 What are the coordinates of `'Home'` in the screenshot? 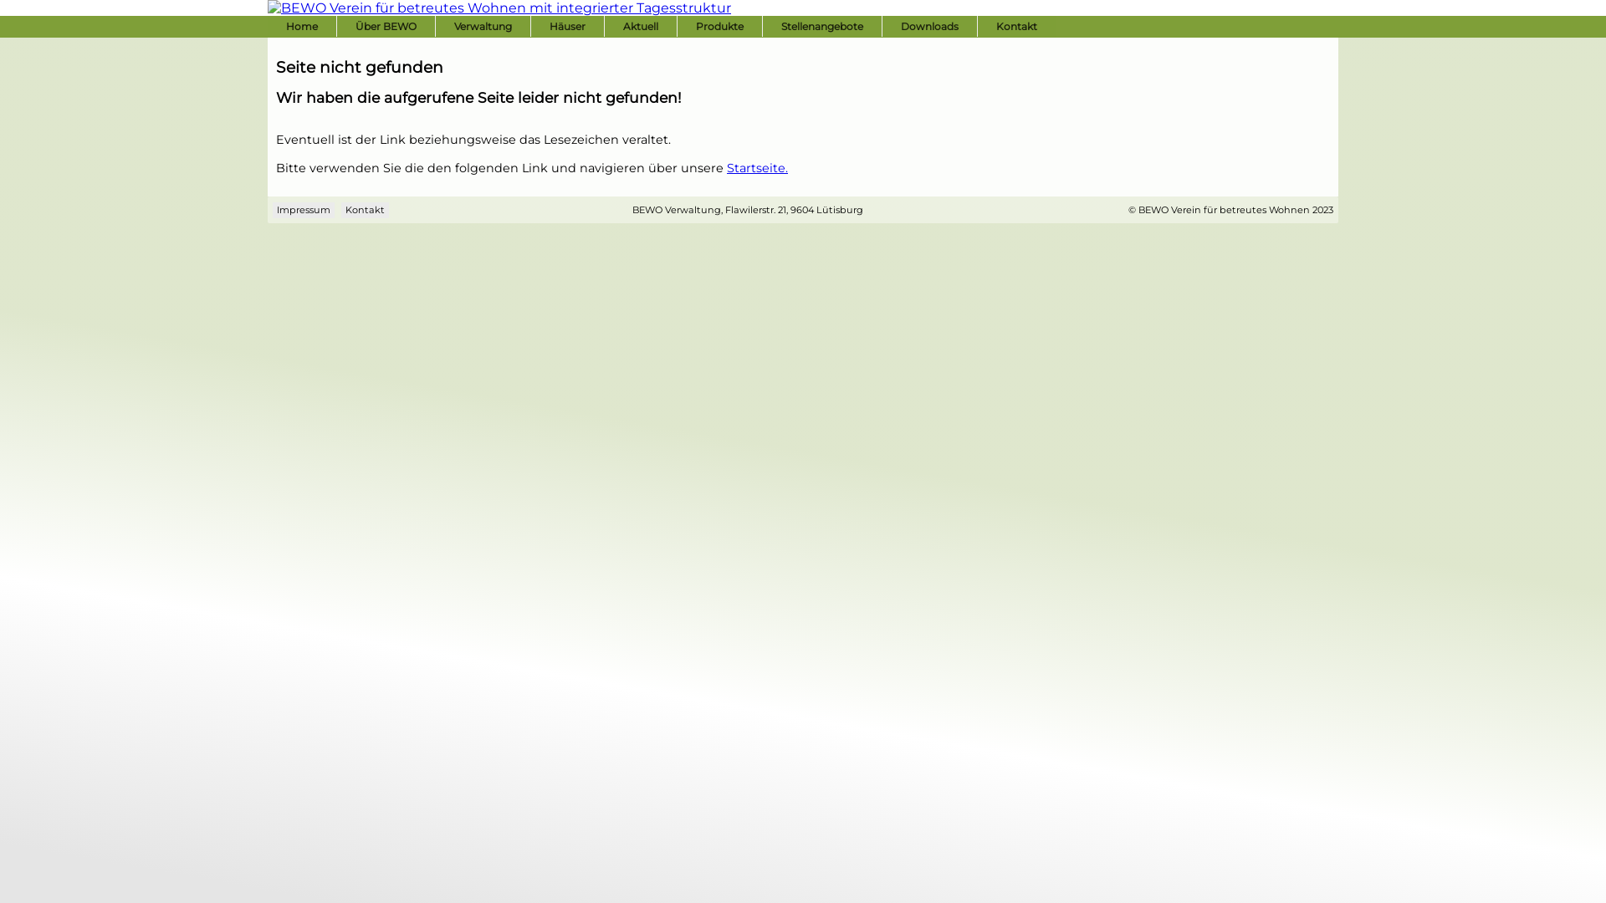 It's located at (301, 26).